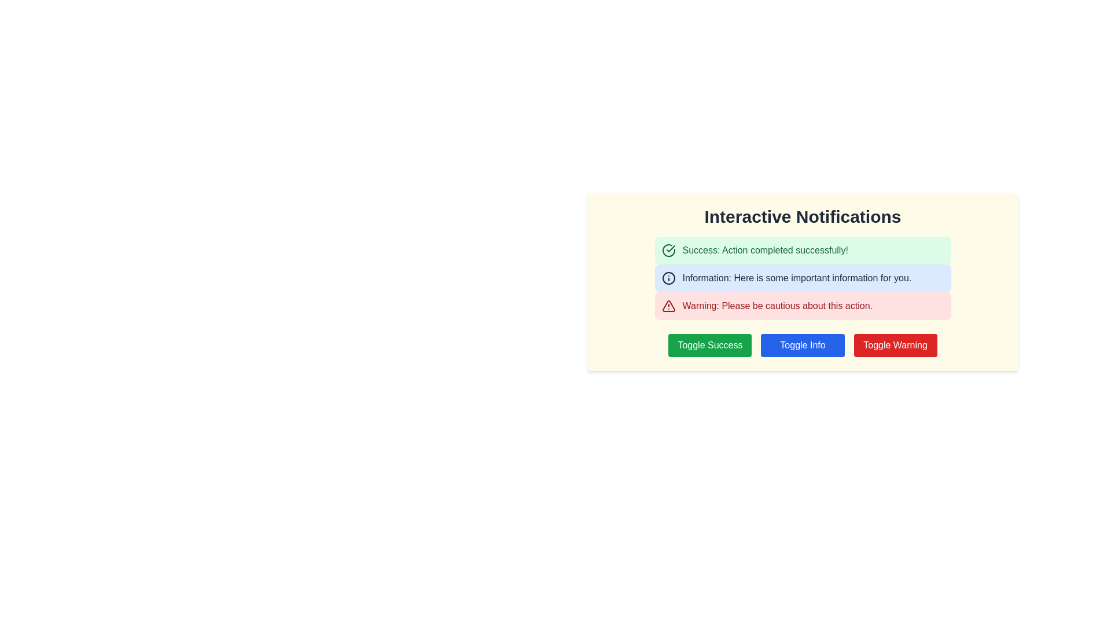 The height and width of the screenshot is (625, 1111). I want to click on the circular visual component styled as a partial checkmark within the first notification entry labeled 'Success: Action completed successfully!', so click(668, 249).